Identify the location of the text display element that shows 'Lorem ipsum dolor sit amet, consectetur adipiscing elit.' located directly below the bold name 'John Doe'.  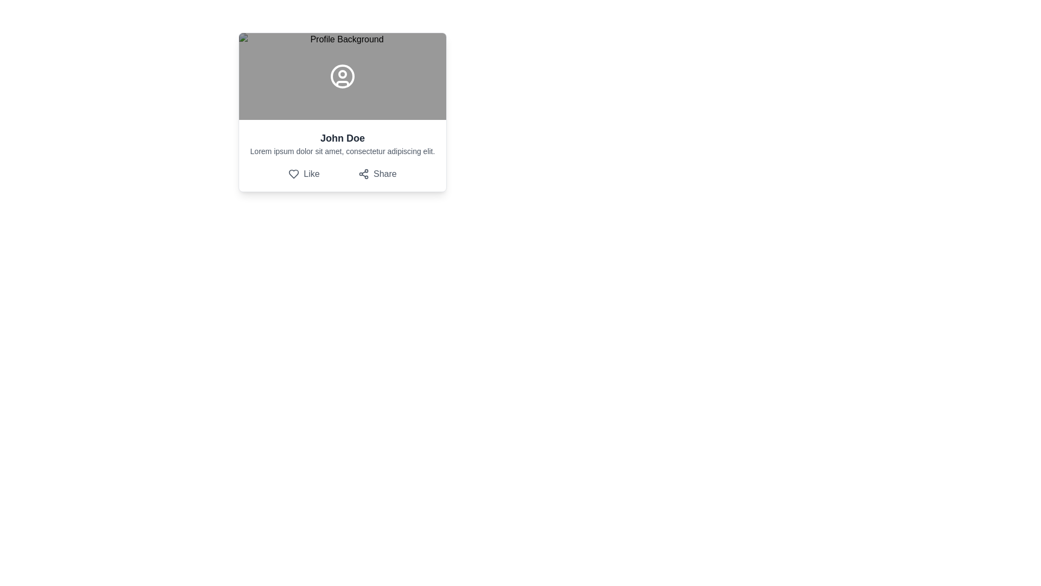
(342, 151).